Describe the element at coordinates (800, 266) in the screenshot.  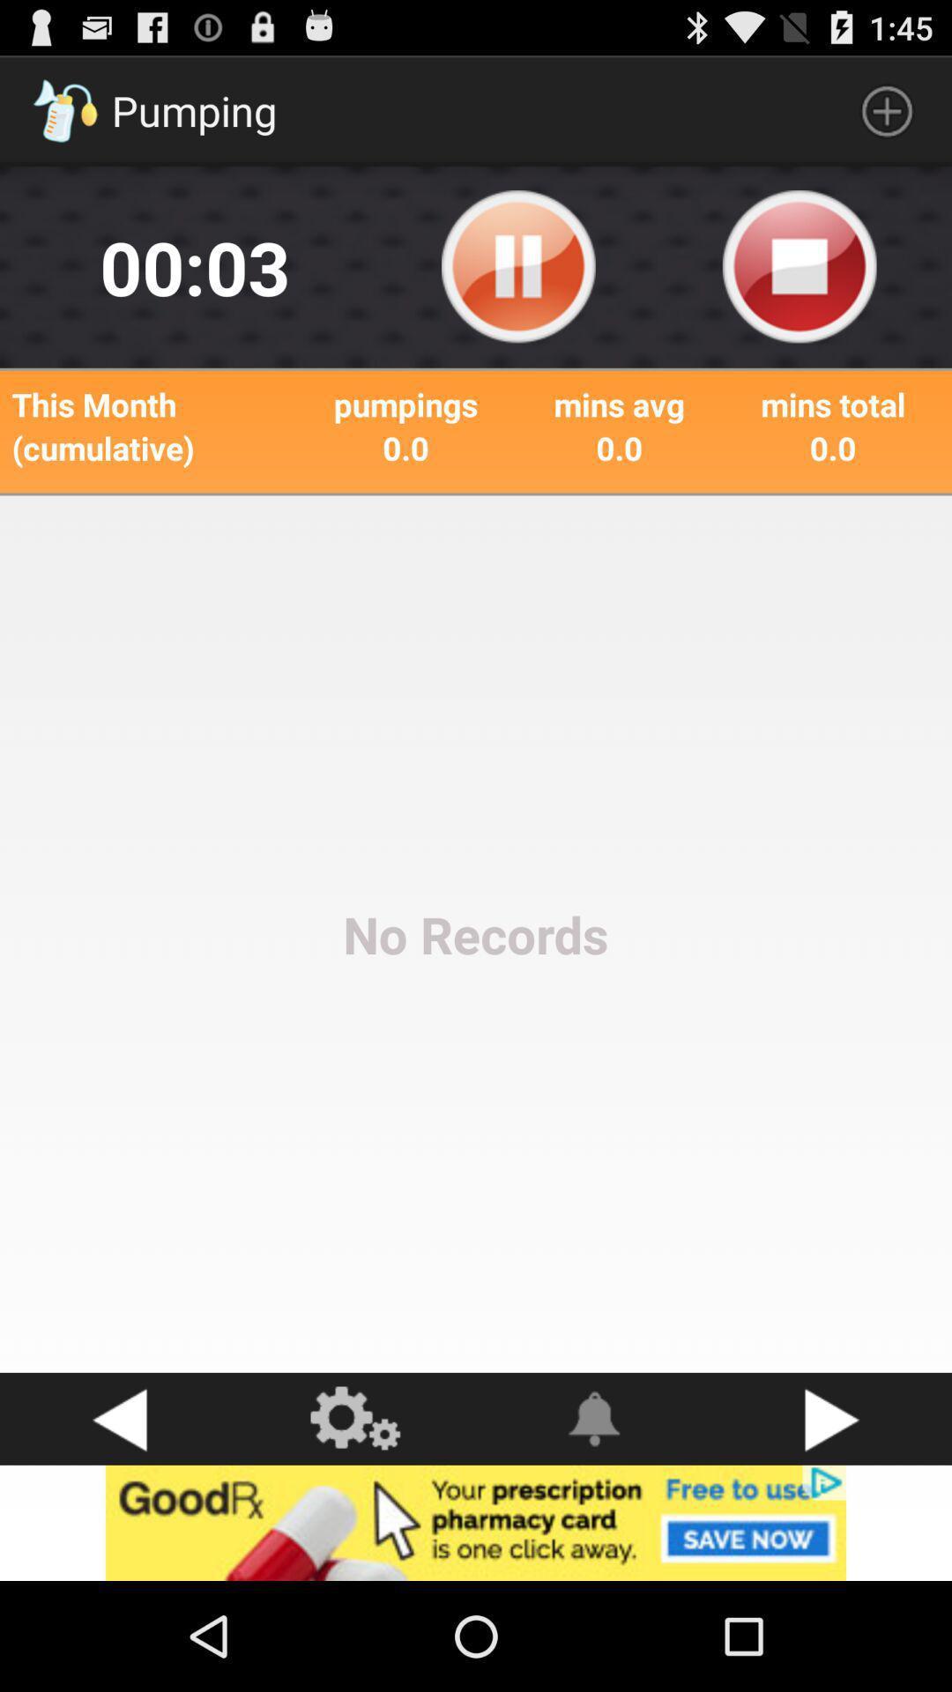
I see `stop recording` at that location.